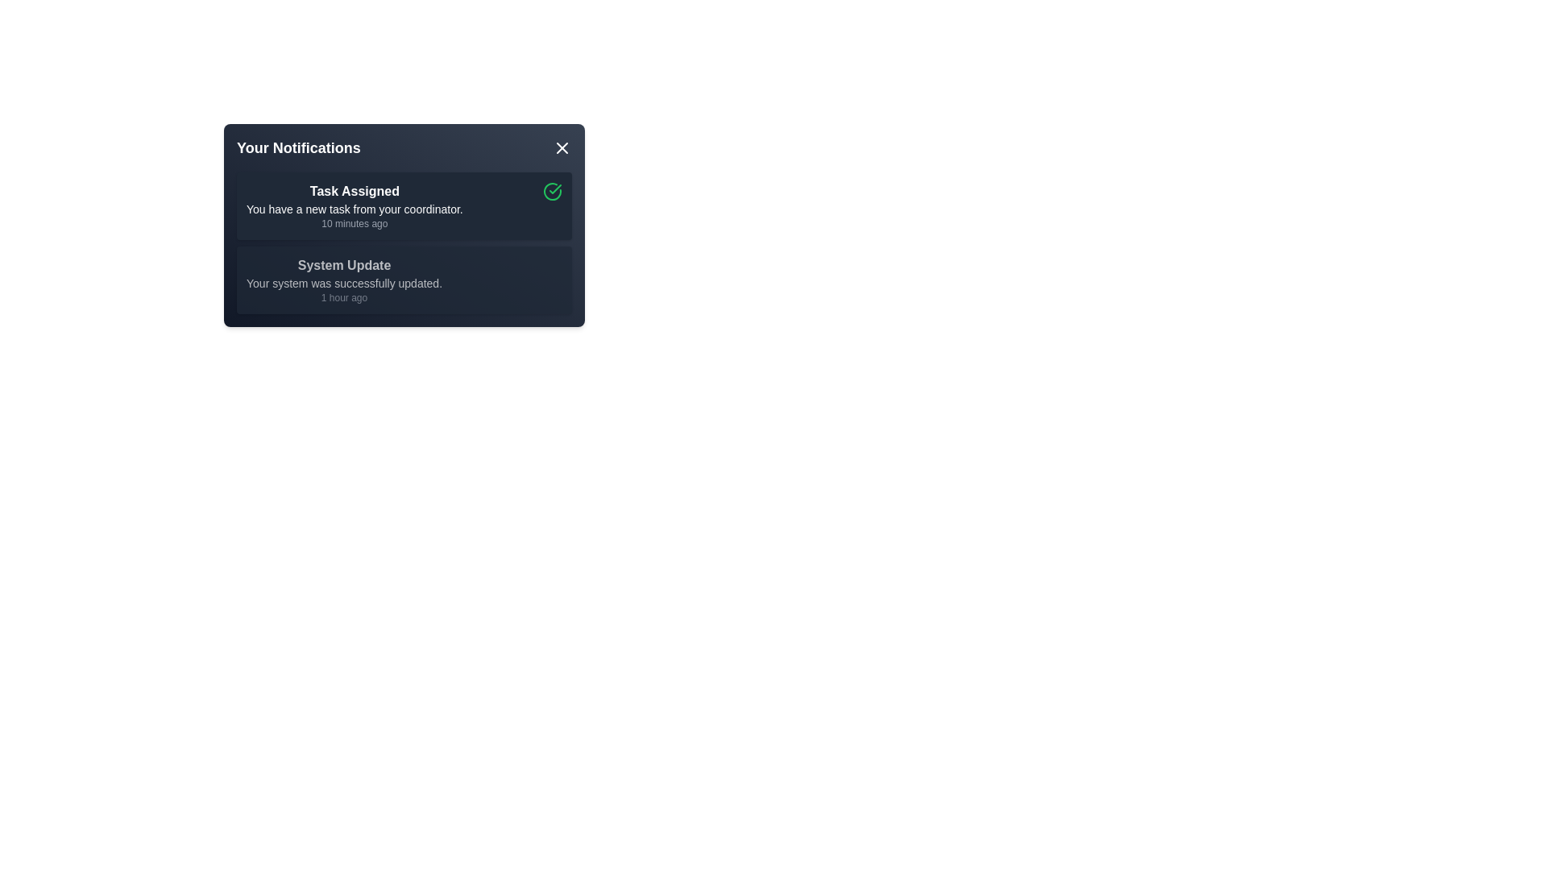 This screenshot has height=870, width=1547. What do you see at coordinates (404, 205) in the screenshot?
I see `the first notification card in the 'Your Notifications' list` at bounding box center [404, 205].